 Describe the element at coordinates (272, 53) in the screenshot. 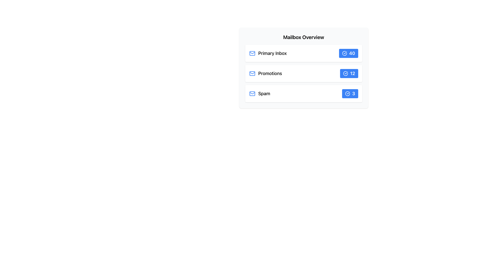

I see `label 'Primary Inbox' which is styled in bold and is the first item under the 'Mailbox Overview' heading, following a blue envelope icon` at that location.